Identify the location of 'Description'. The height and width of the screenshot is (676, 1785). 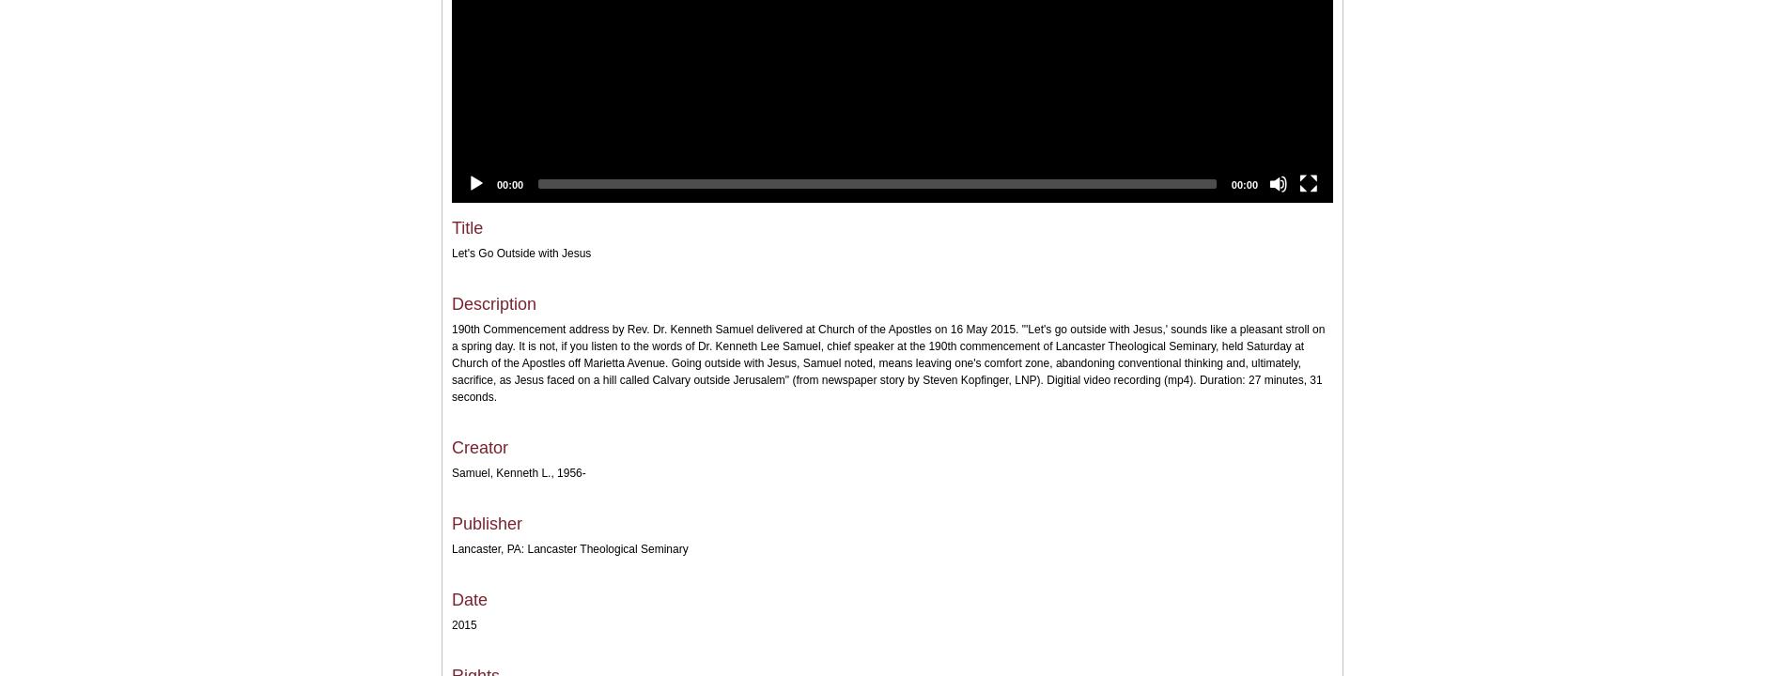
(452, 303).